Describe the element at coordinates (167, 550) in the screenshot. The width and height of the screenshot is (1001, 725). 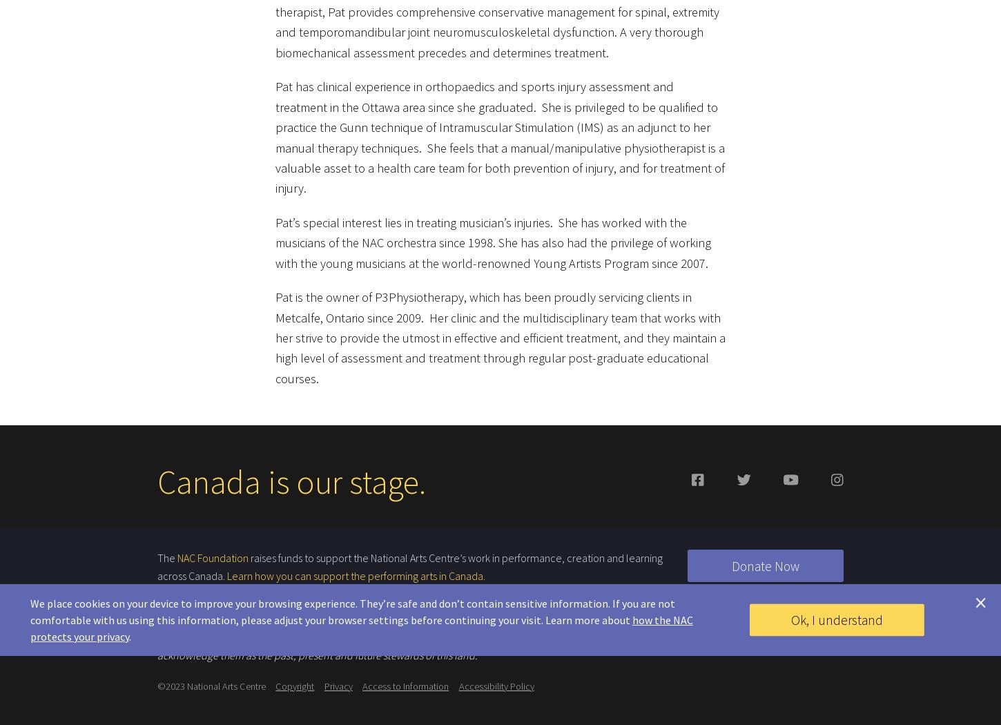
I see `'The'` at that location.